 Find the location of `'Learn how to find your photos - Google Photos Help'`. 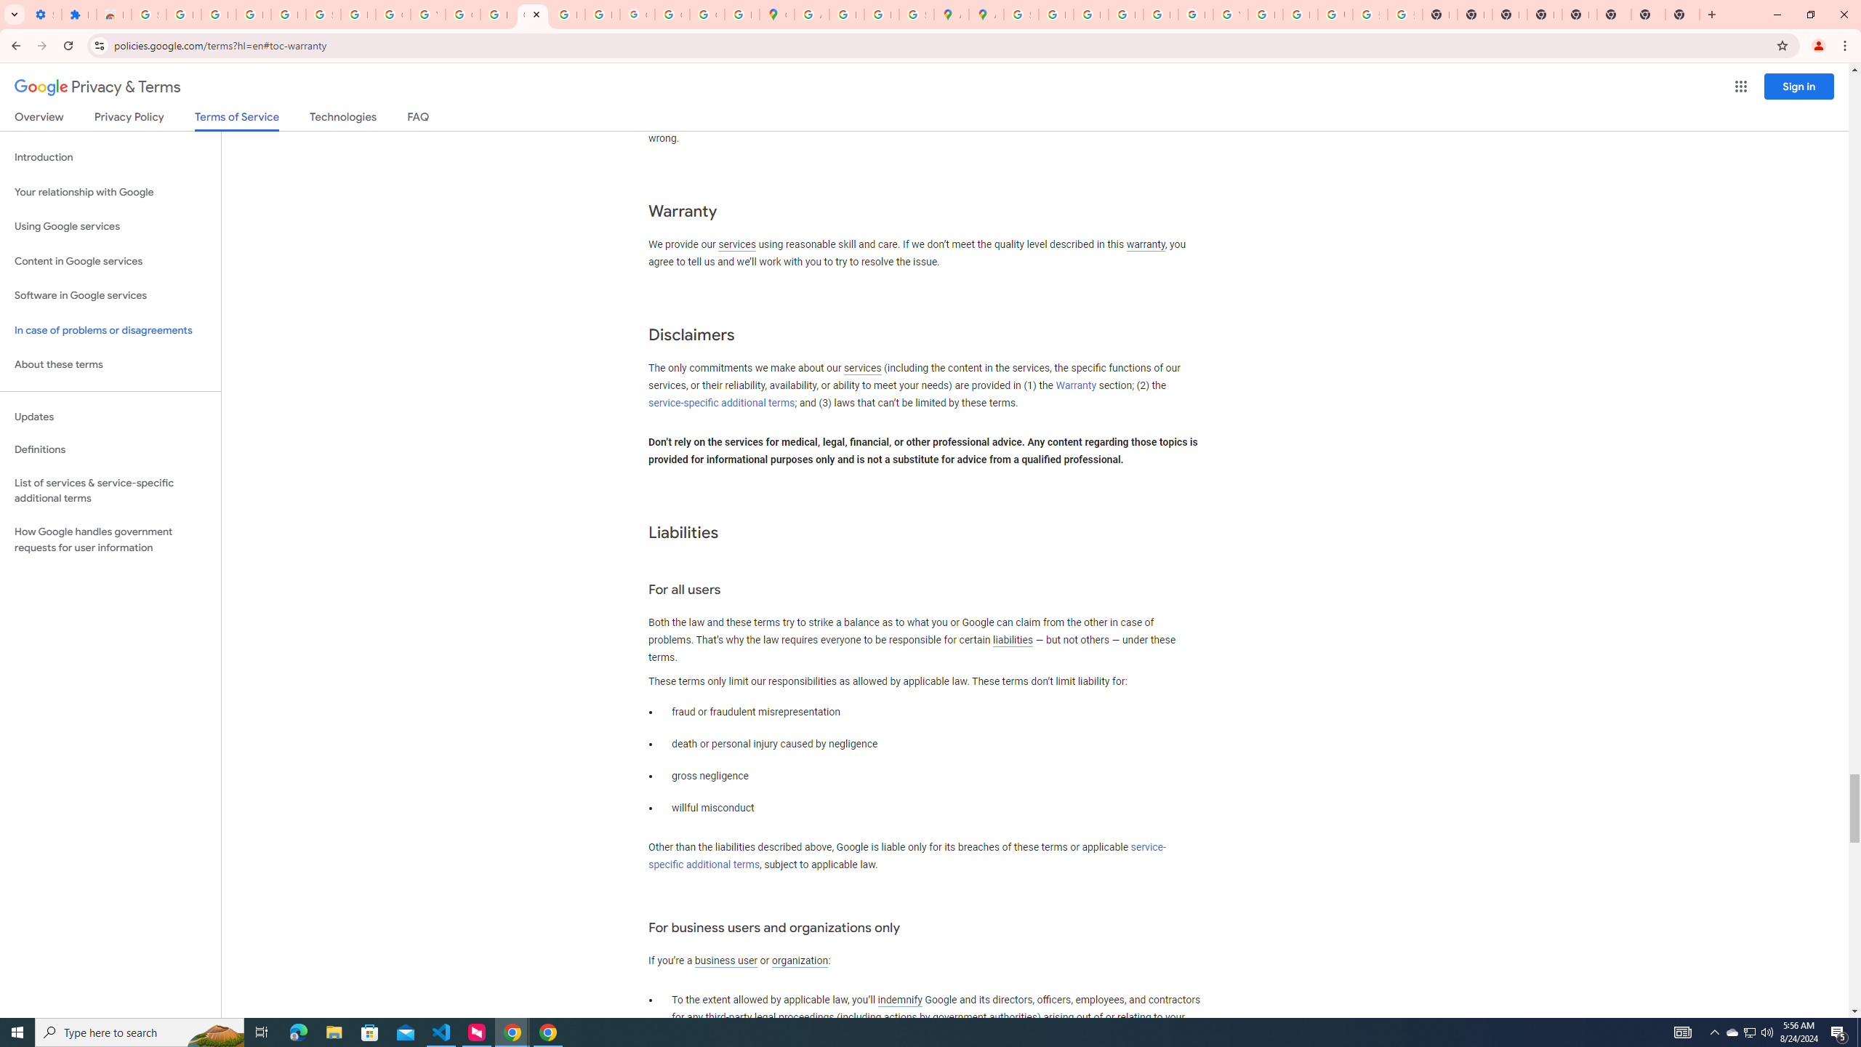

'Learn how to find your photos - Google Photos Help' is located at coordinates (252, 14).